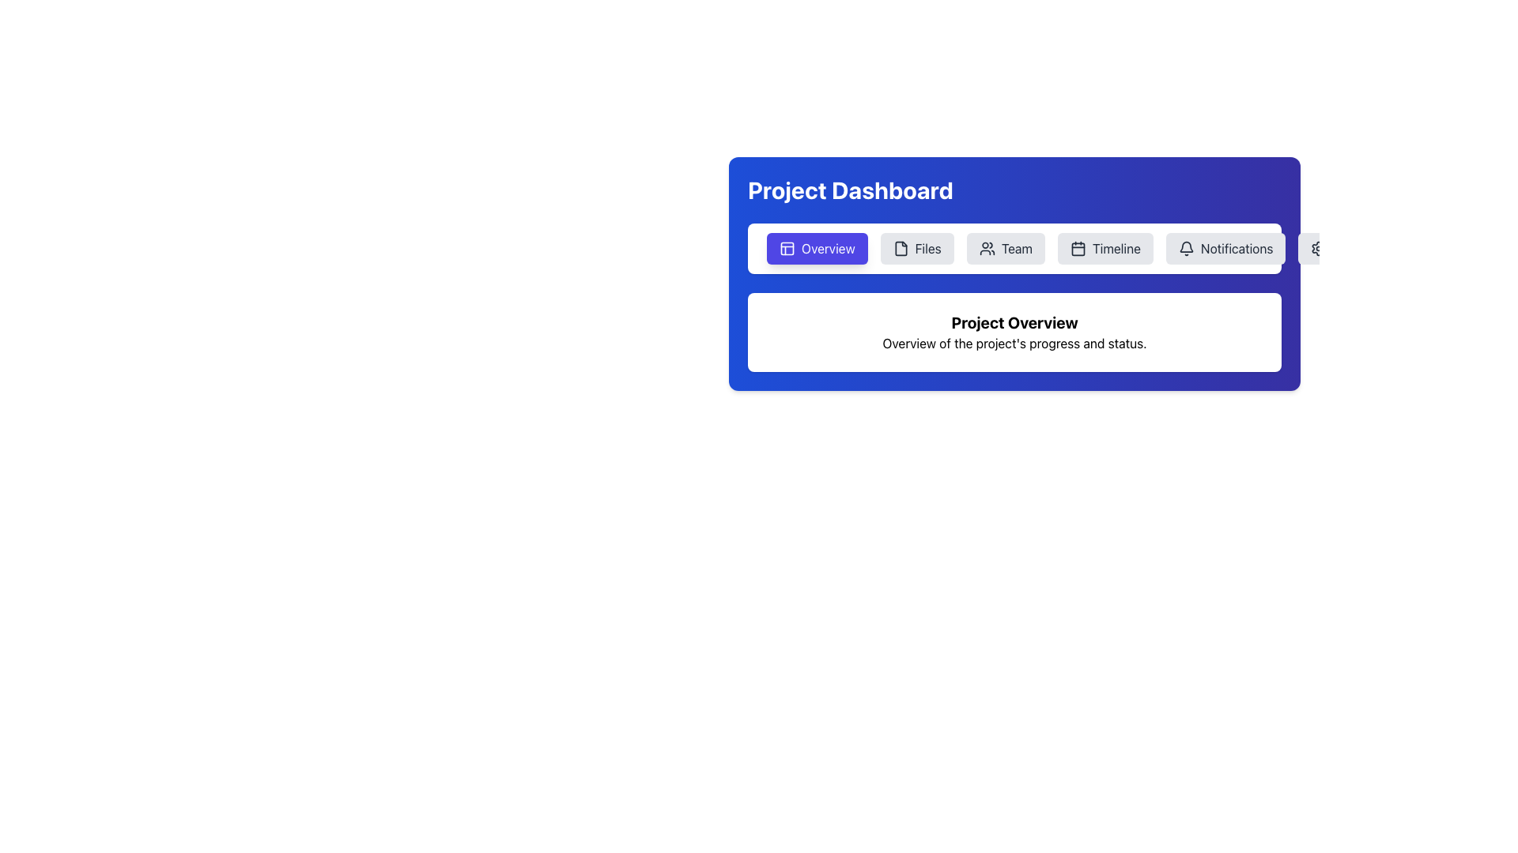  Describe the element at coordinates (1014, 273) in the screenshot. I see `the tabs of the main project dashboard to trigger a visual change` at that location.